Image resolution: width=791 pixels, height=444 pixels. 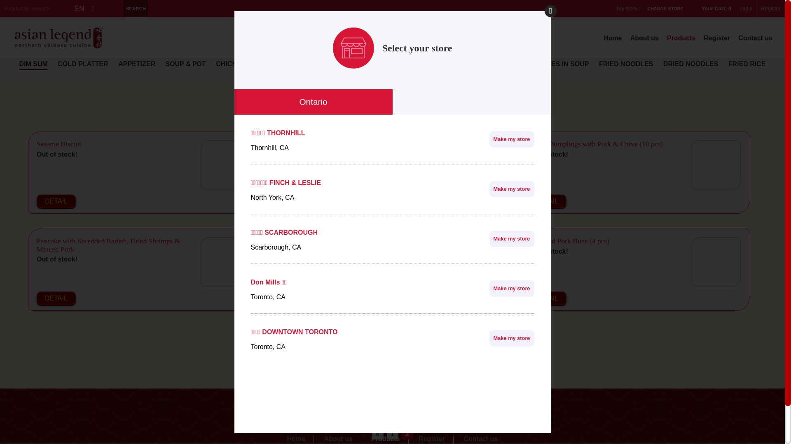 I want to click on 'Pan Fried Pork Buns (4 pcs)', so click(x=568, y=240).